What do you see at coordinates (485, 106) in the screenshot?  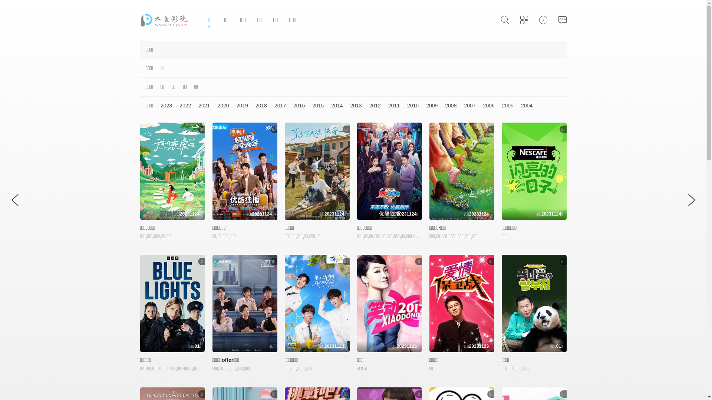 I see `'2006'` at bounding box center [485, 106].